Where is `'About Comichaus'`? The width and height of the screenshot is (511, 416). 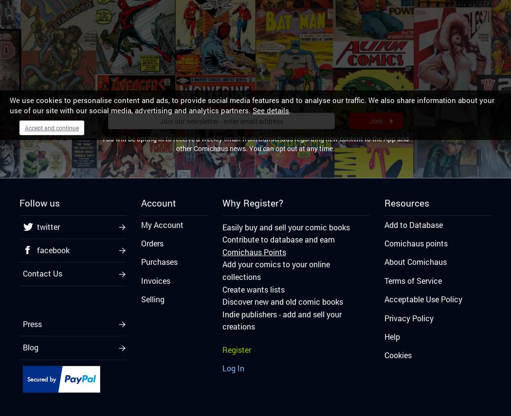 'About Comichaus' is located at coordinates (415, 261).